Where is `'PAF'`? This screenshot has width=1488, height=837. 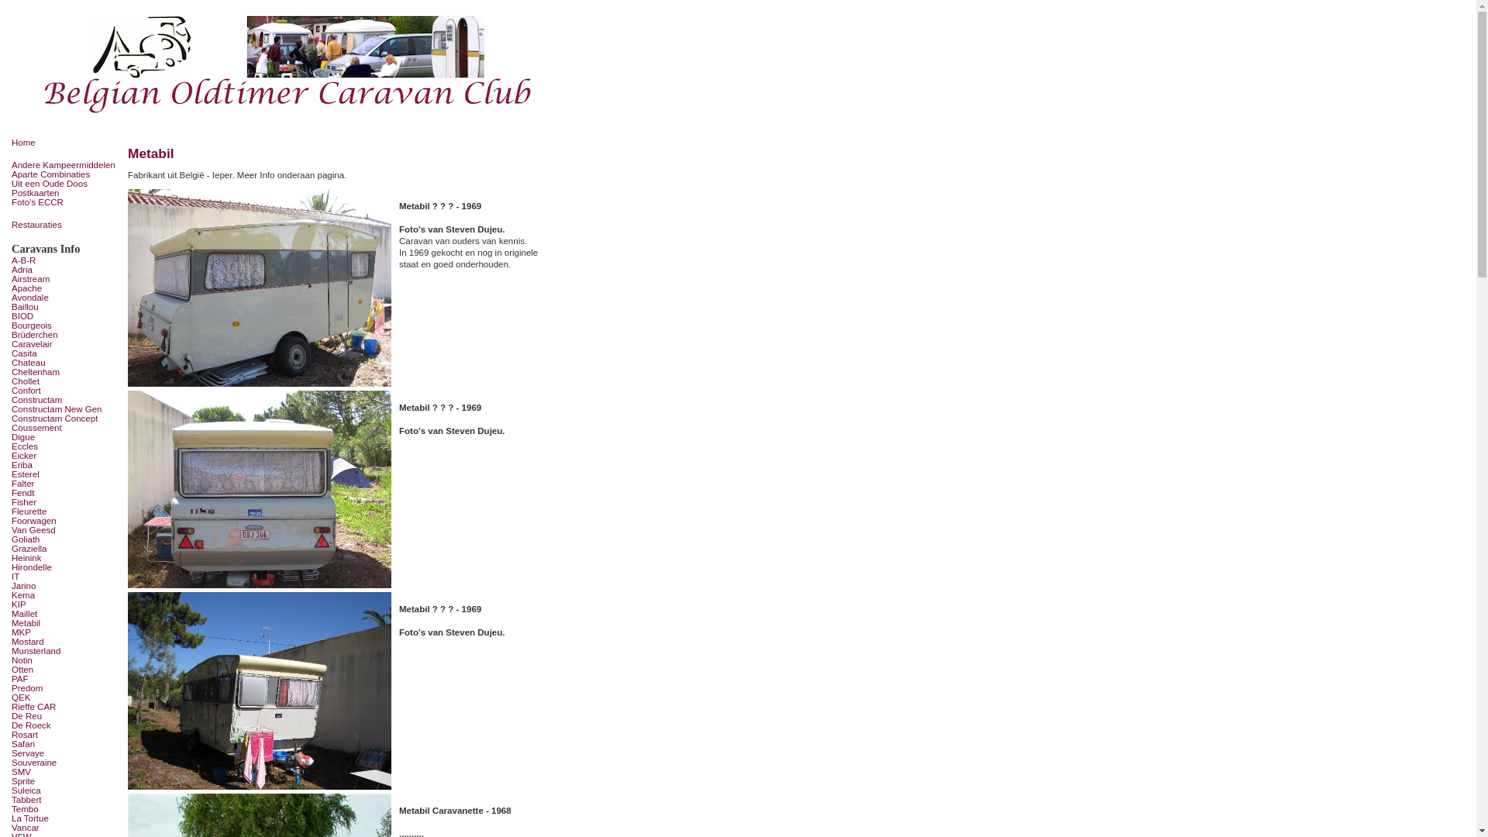
'PAF' is located at coordinates (65, 677).